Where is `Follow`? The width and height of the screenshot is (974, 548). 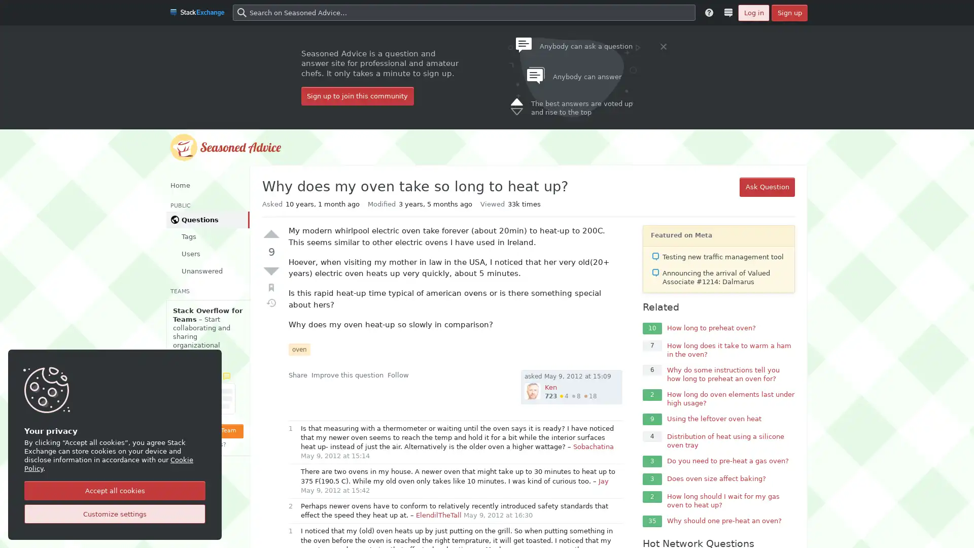 Follow is located at coordinates (398, 375).